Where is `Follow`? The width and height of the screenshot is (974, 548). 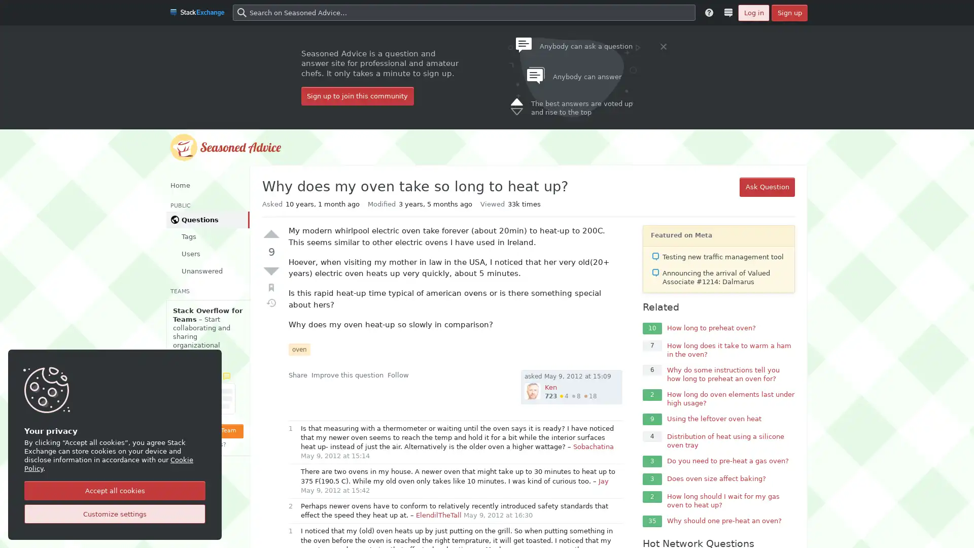 Follow is located at coordinates (398, 375).